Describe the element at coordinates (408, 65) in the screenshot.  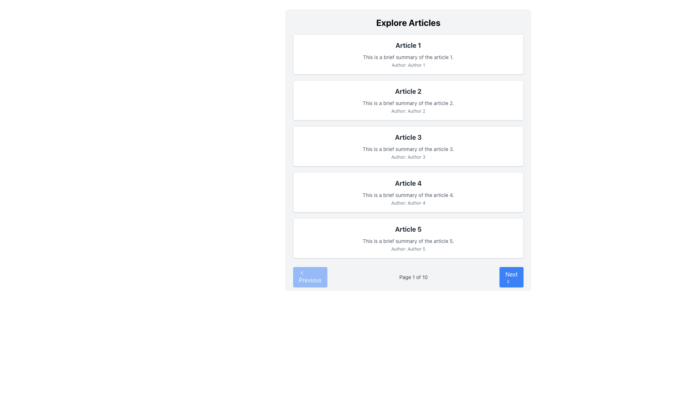
I see `author's name displayed in the text located at the bottom of the card labeled 'Article 1', just below the summary text` at that location.